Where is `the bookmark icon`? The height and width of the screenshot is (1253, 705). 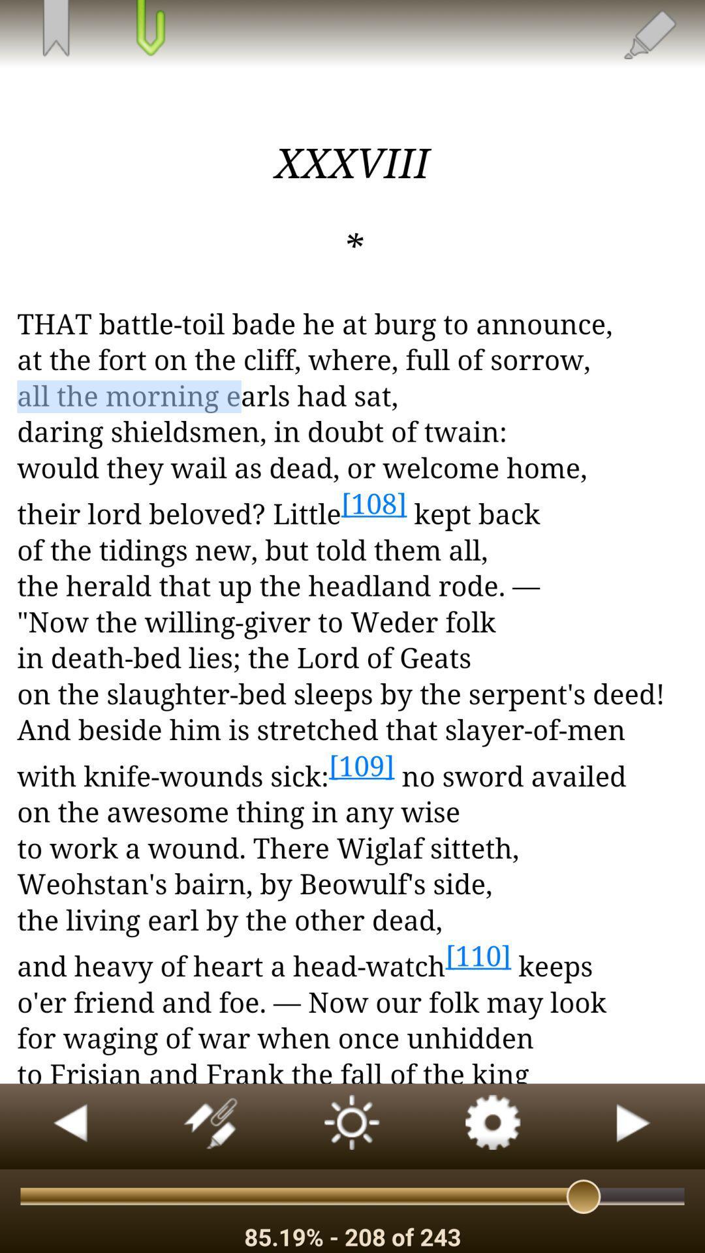
the bookmark icon is located at coordinates (55, 29).